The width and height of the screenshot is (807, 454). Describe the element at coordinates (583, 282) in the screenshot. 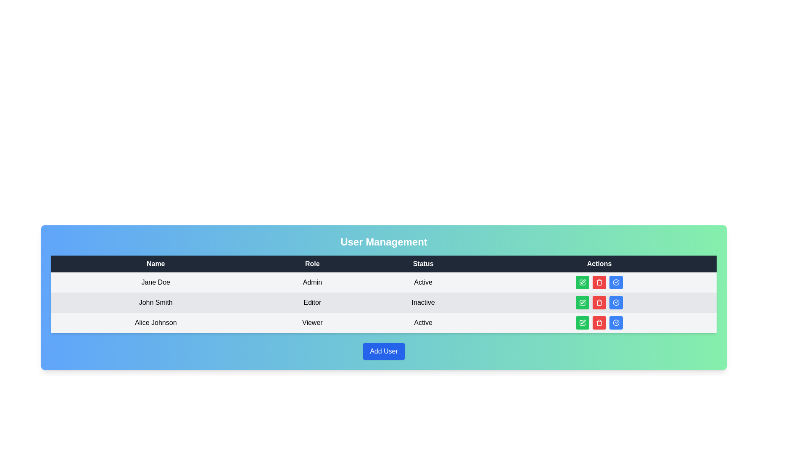

I see `the edit button for the user 'Jane Doe' located in the Actions column of the User Management table` at that location.